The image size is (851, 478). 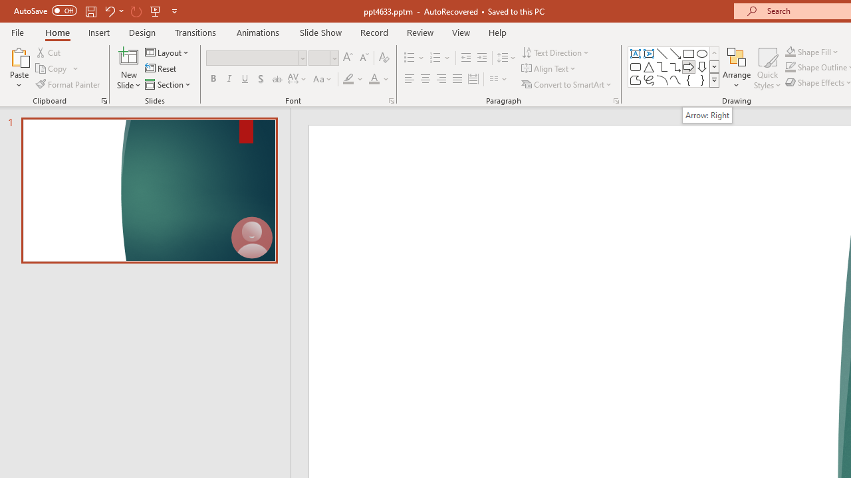 What do you see at coordinates (167, 52) in the screenshot?
I see `'Layout'` at bounding box center [167, 52].